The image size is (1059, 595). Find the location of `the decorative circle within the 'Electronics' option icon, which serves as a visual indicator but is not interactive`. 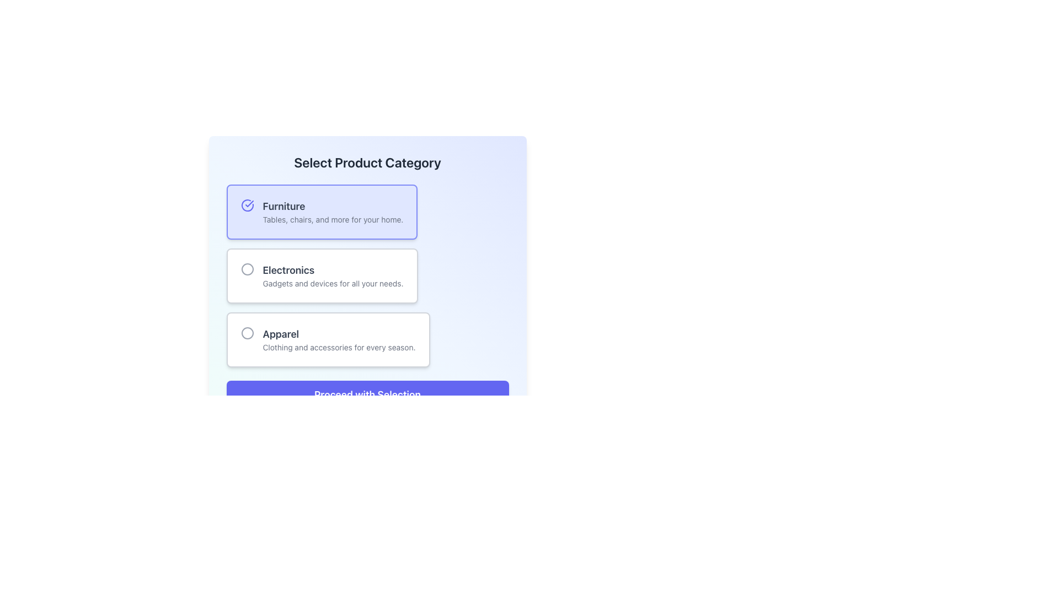

the decorative circle within the 'Electronics' option icon, which serves as a visual indicator but is not interactive is located at coordinates (247, 269).